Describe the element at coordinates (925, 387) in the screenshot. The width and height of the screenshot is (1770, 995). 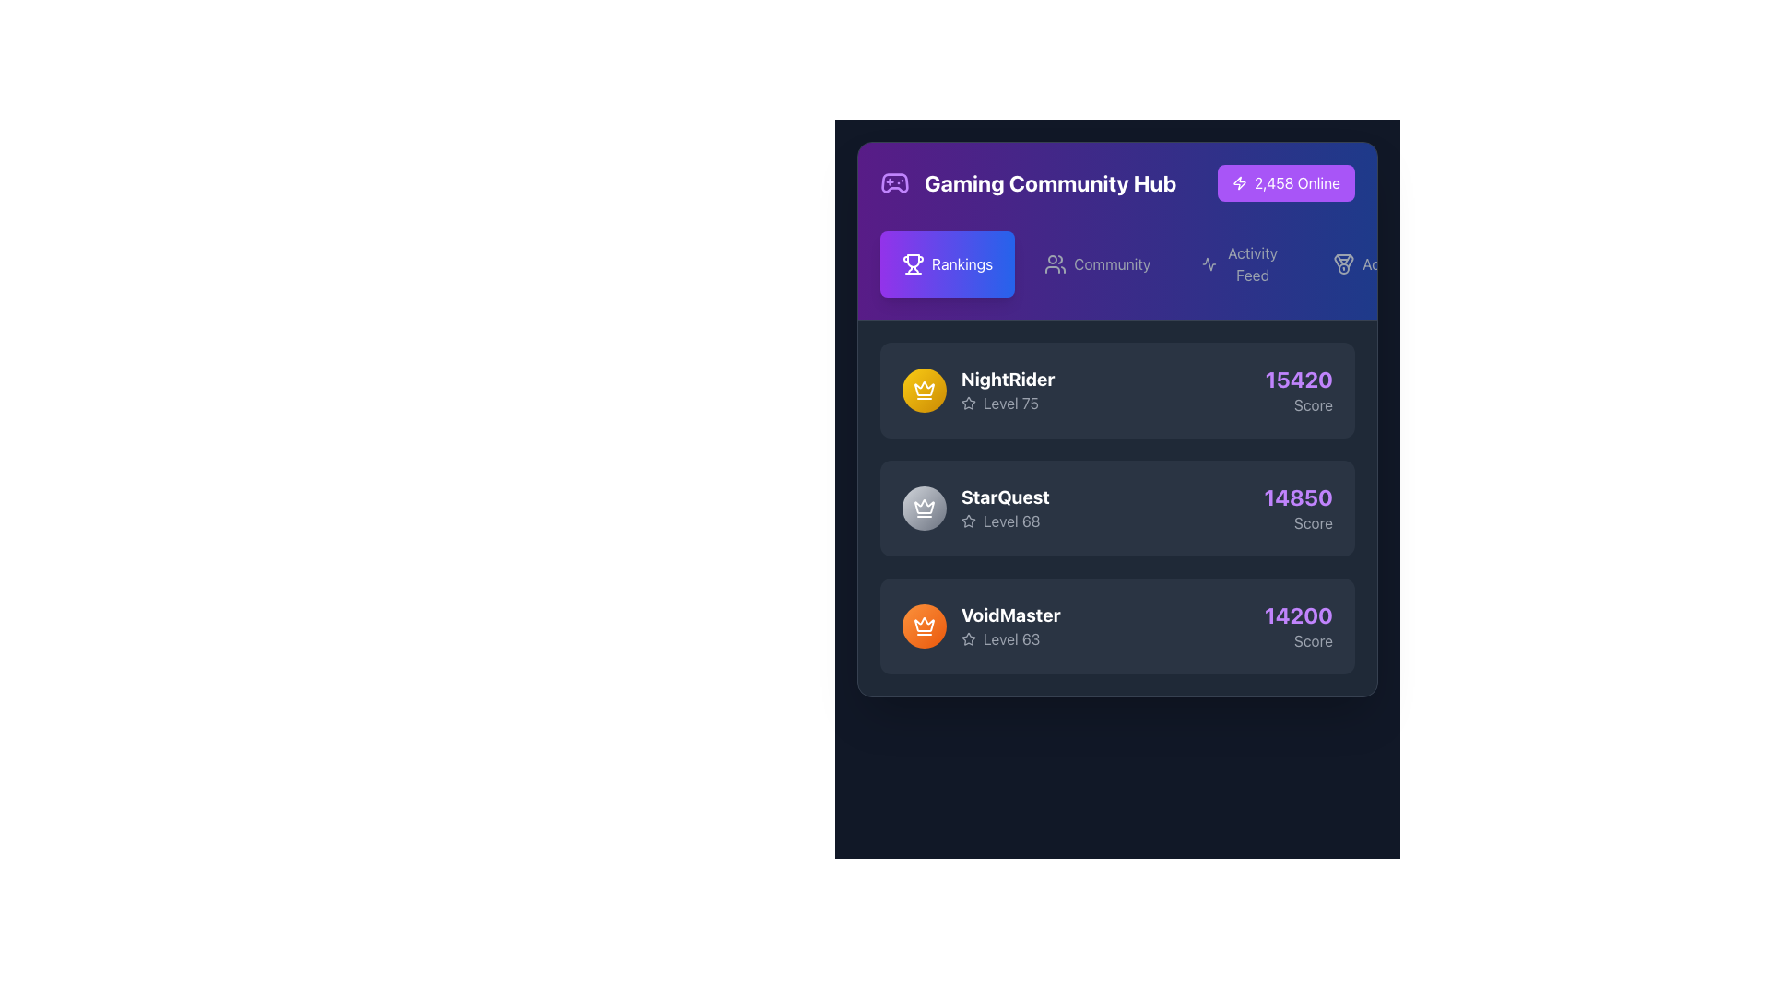
I see `the golden crown icon associated with the user 'NightRider' in the leaderboard interface` at that location.